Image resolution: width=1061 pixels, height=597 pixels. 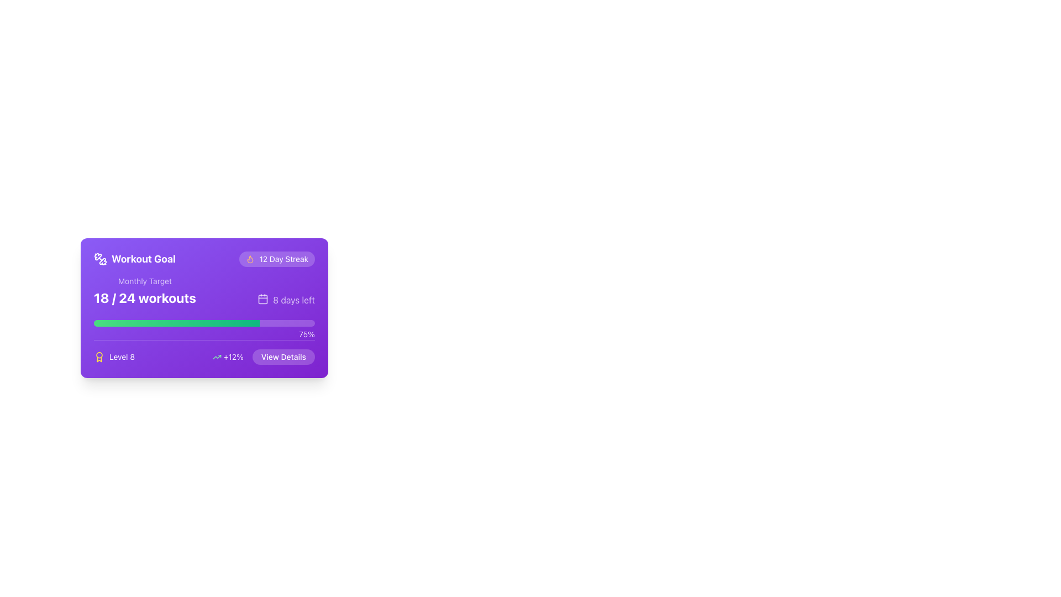 What do you see at coordinates (277, 259) in the screenshot?
I see `the Informational Badge displaying the user's workout streak in the top-right corner of the 'Workout Goal' section if it is interactive` at bounding box center [277, 259].